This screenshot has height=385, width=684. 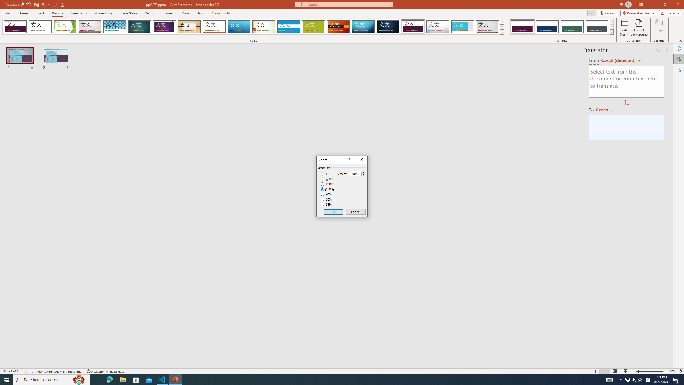 What do you see at coordinates (115, 26) in the screenshot?
I see `'Integral'` at bounding box center [115, 26].